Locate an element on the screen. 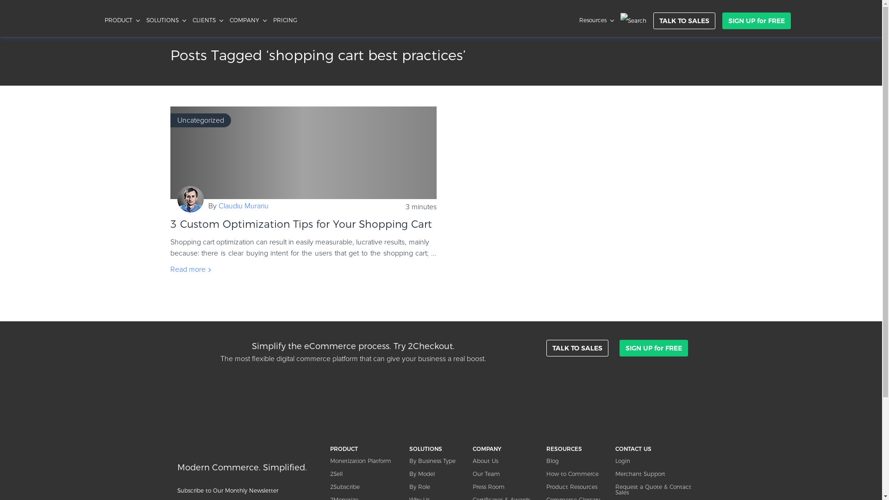  'SOLUTIONS' is located at coordinates (166, 20).